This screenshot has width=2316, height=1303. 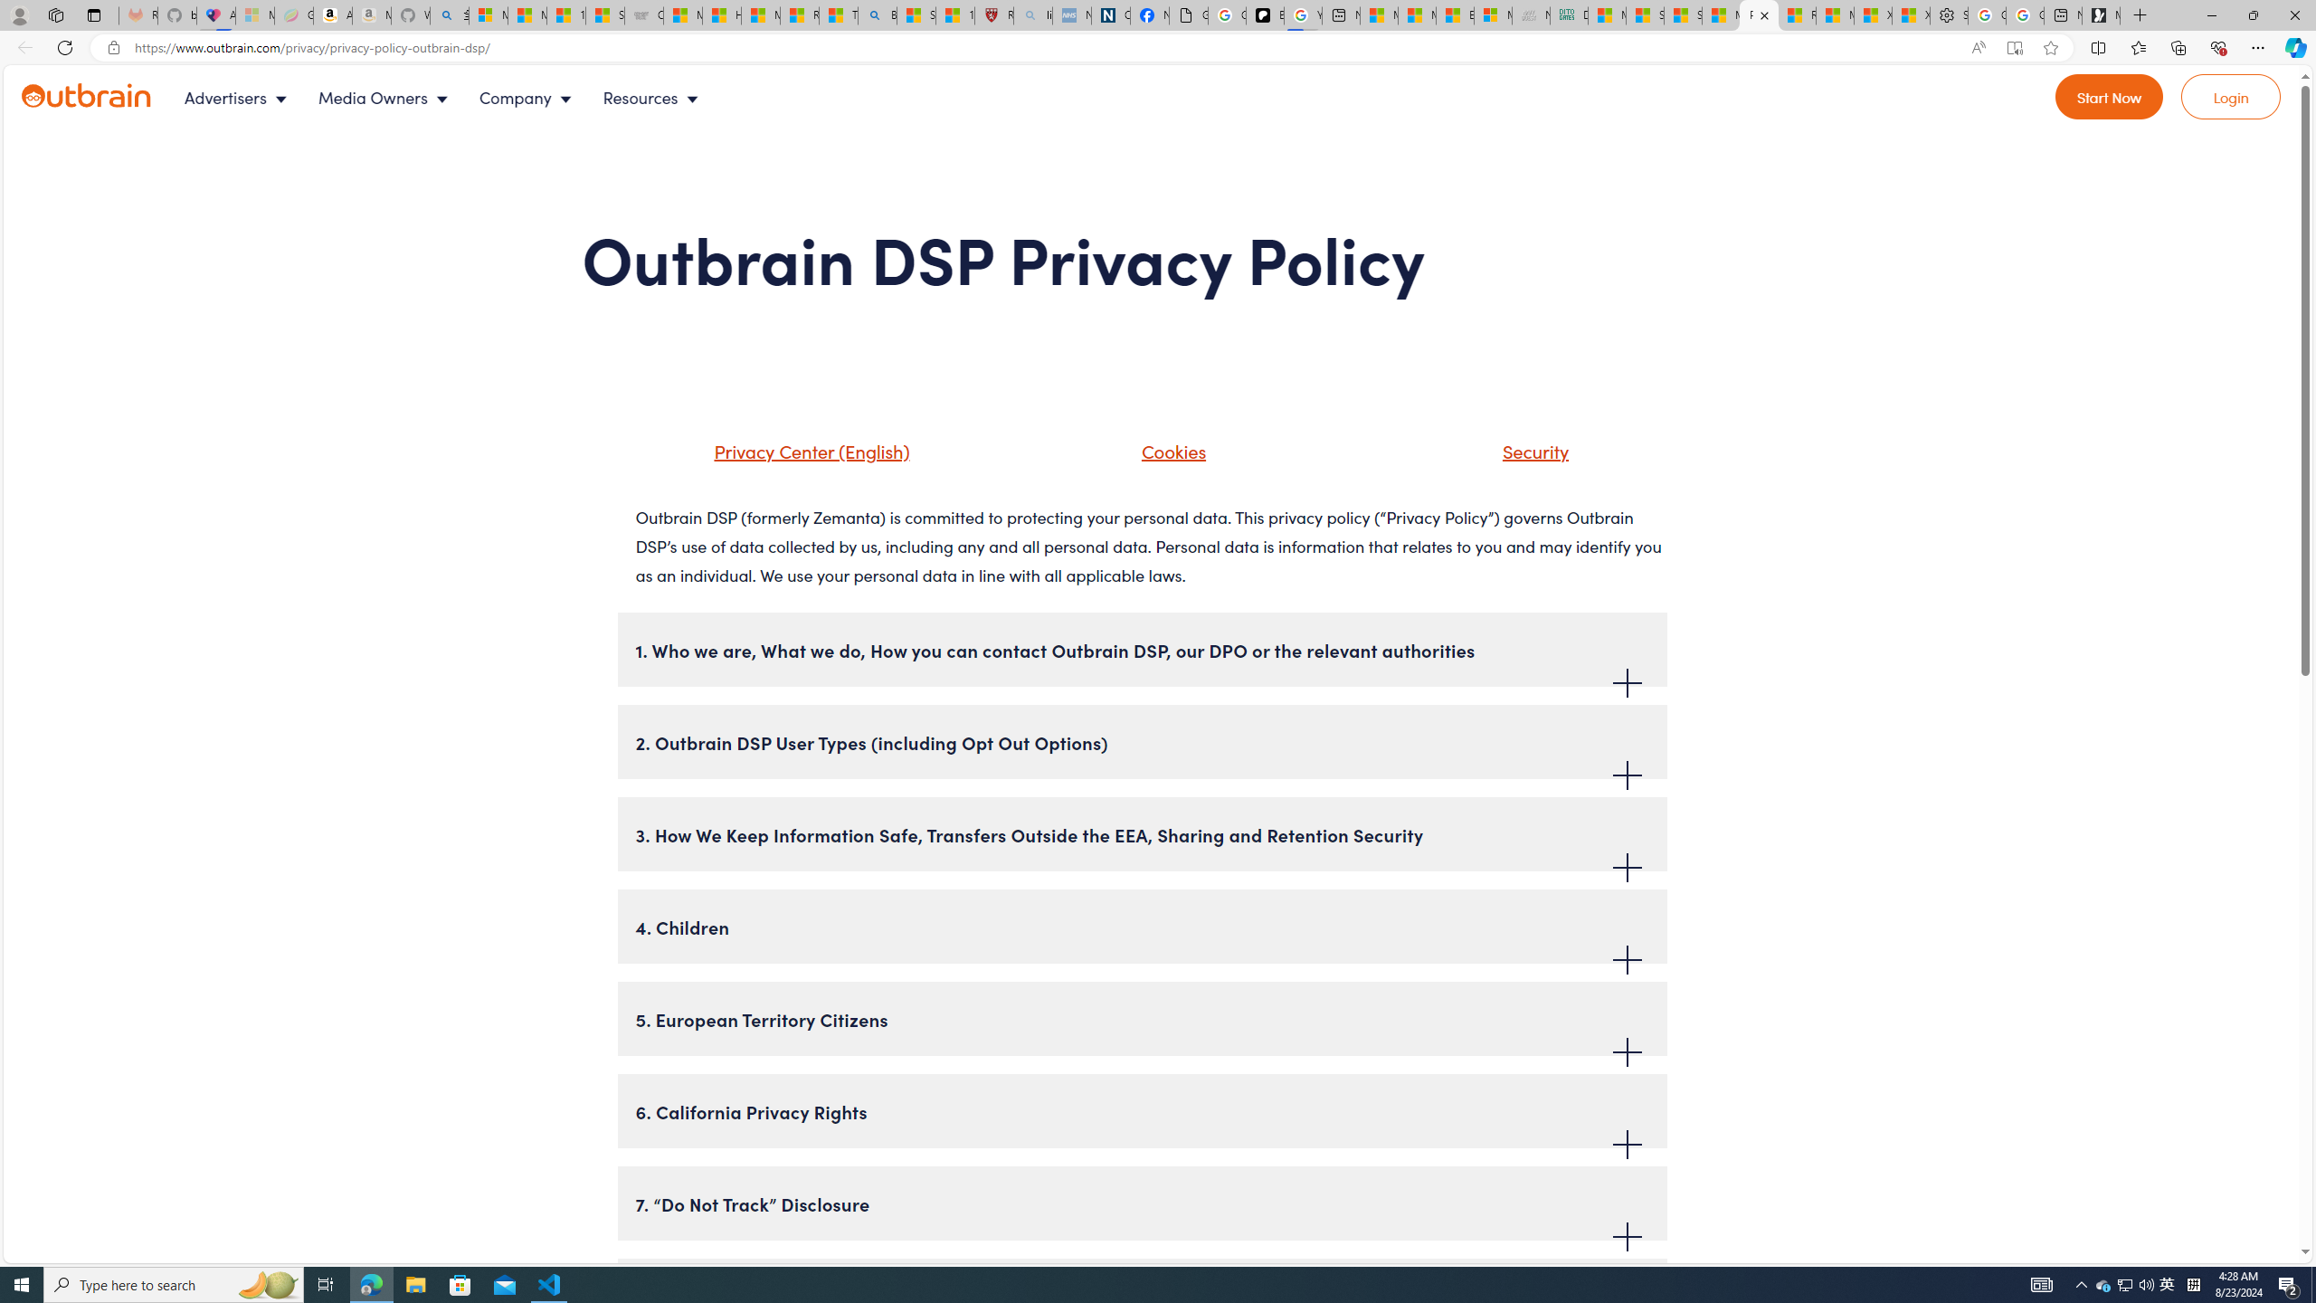 What do you see at coordinates (2014, 48) in the screenshot?
I see `'Enter Immersive Reader (F9)'` at bounding box center [2014, 48].